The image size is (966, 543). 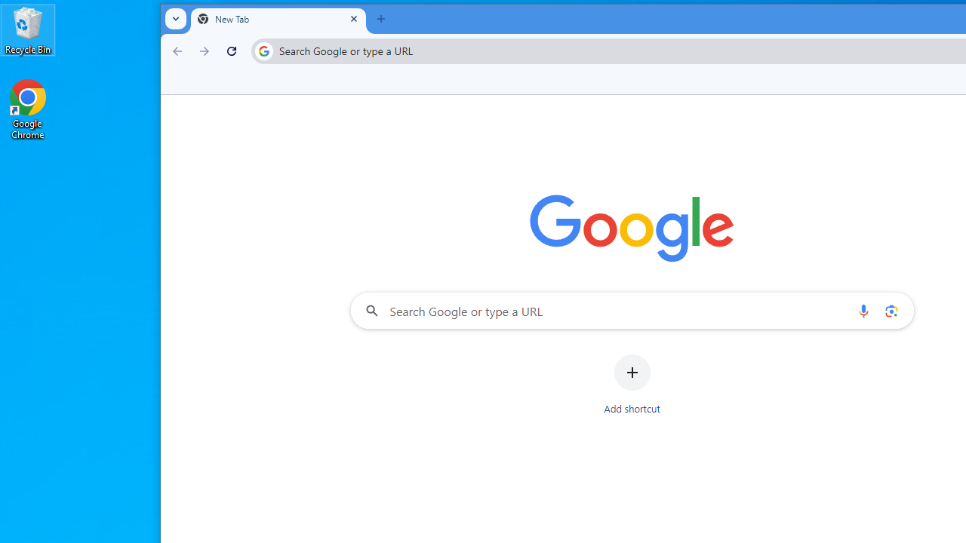 I want to click on 'Google Chrome', so click(x=28, y=109).